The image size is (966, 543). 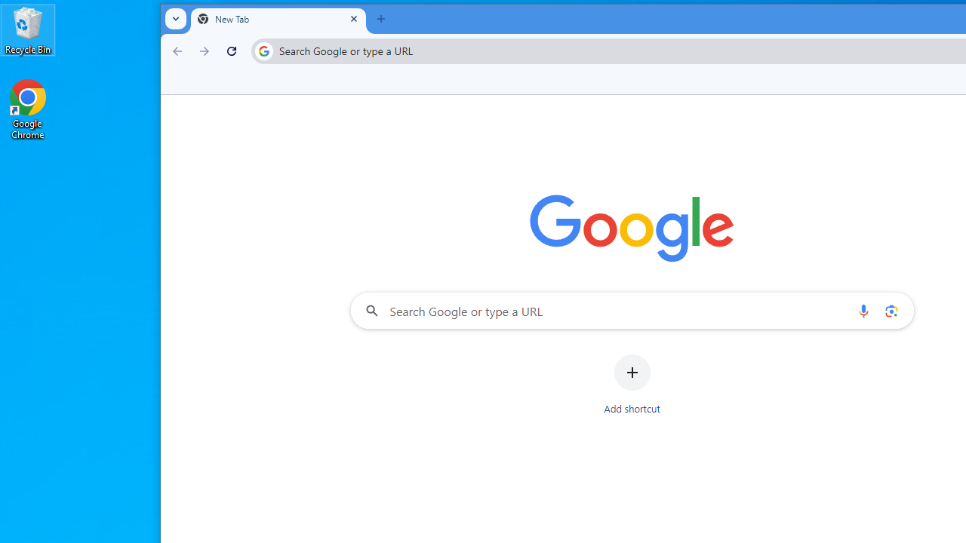 I want to click on 'Google Chrome', so click(x=28, y=109).